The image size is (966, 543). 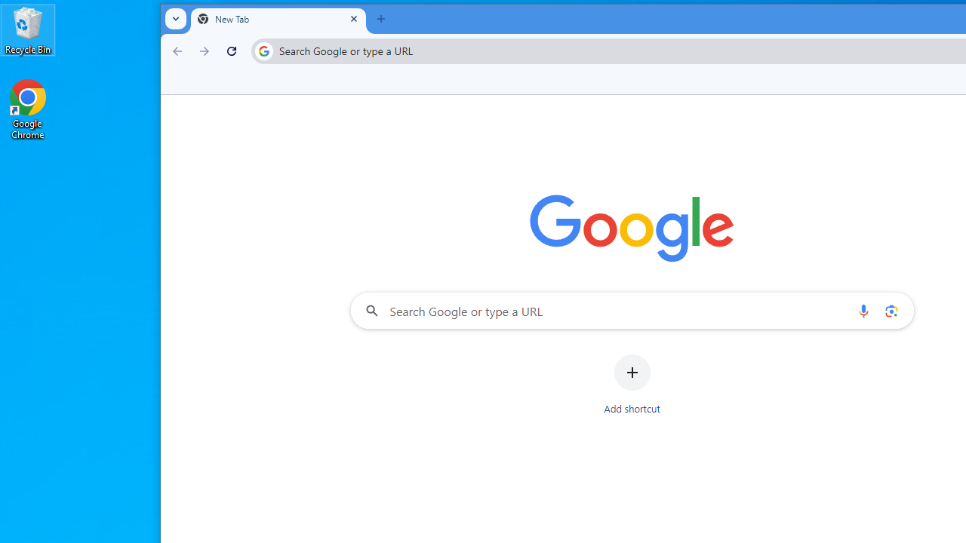 I want to click on 'Google Chrome', so click(x=28, y=109).